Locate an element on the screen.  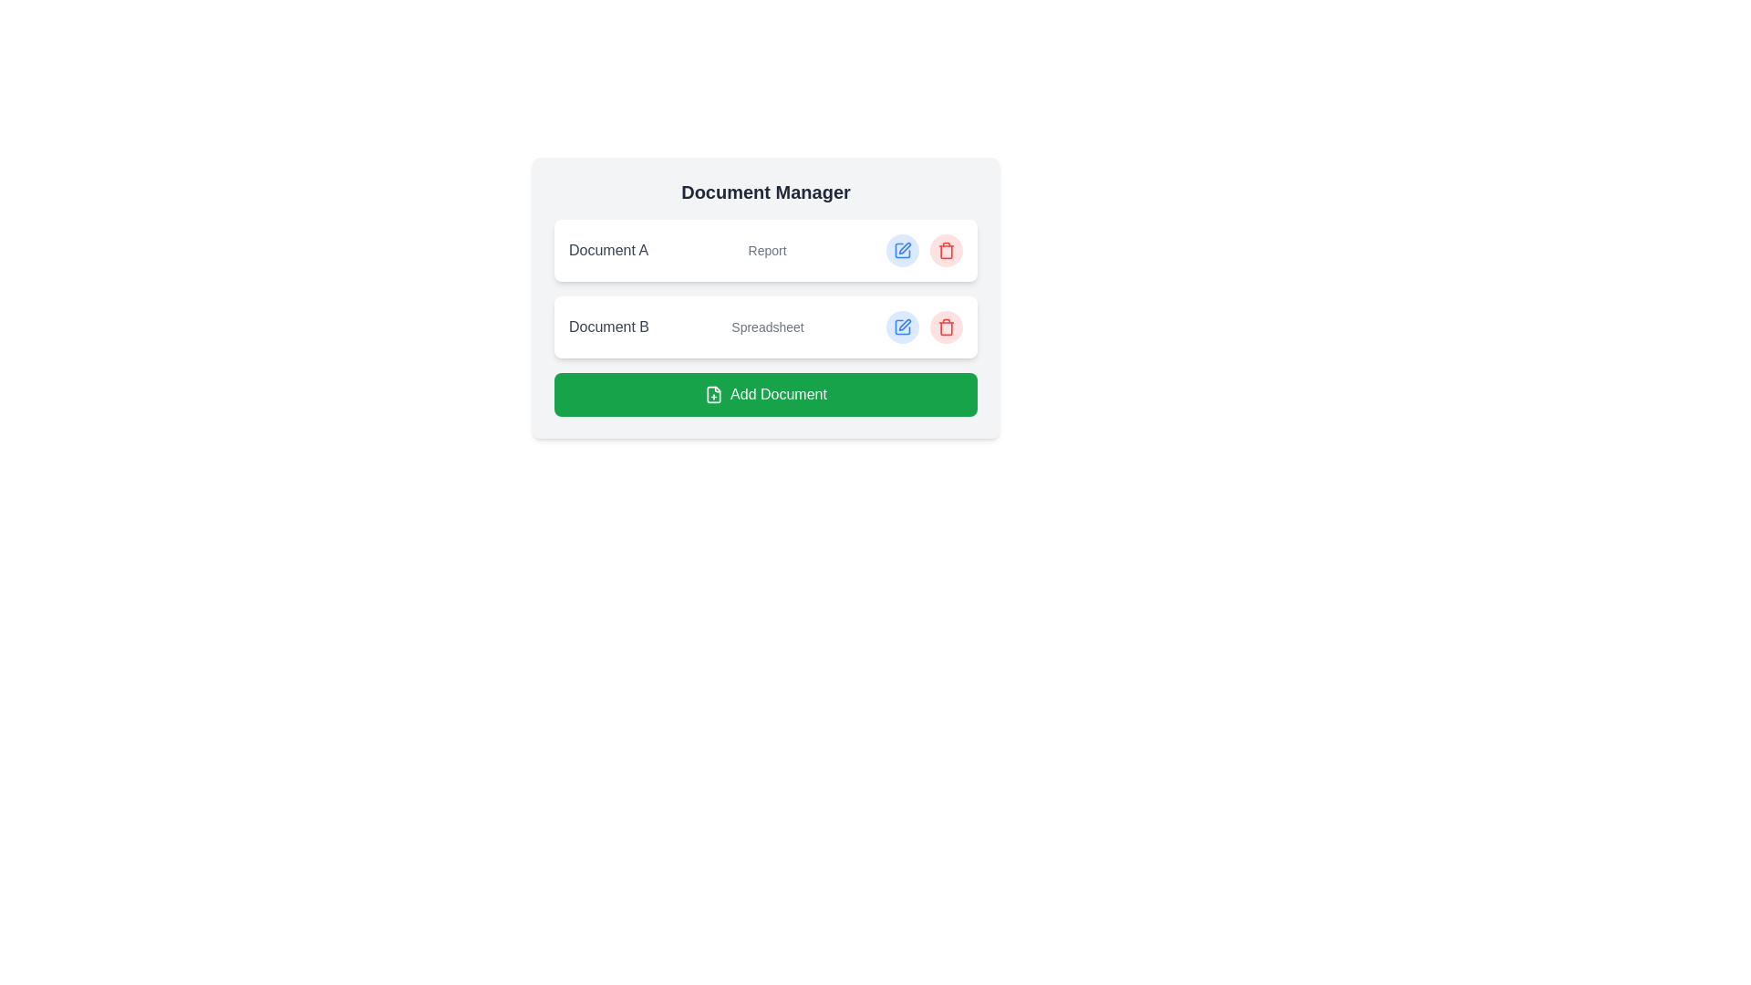
the icon button resembling a pen and a square, which is located adjacent to the 'Document B' entry in the document manager interface is located at coordinates (905, 324).